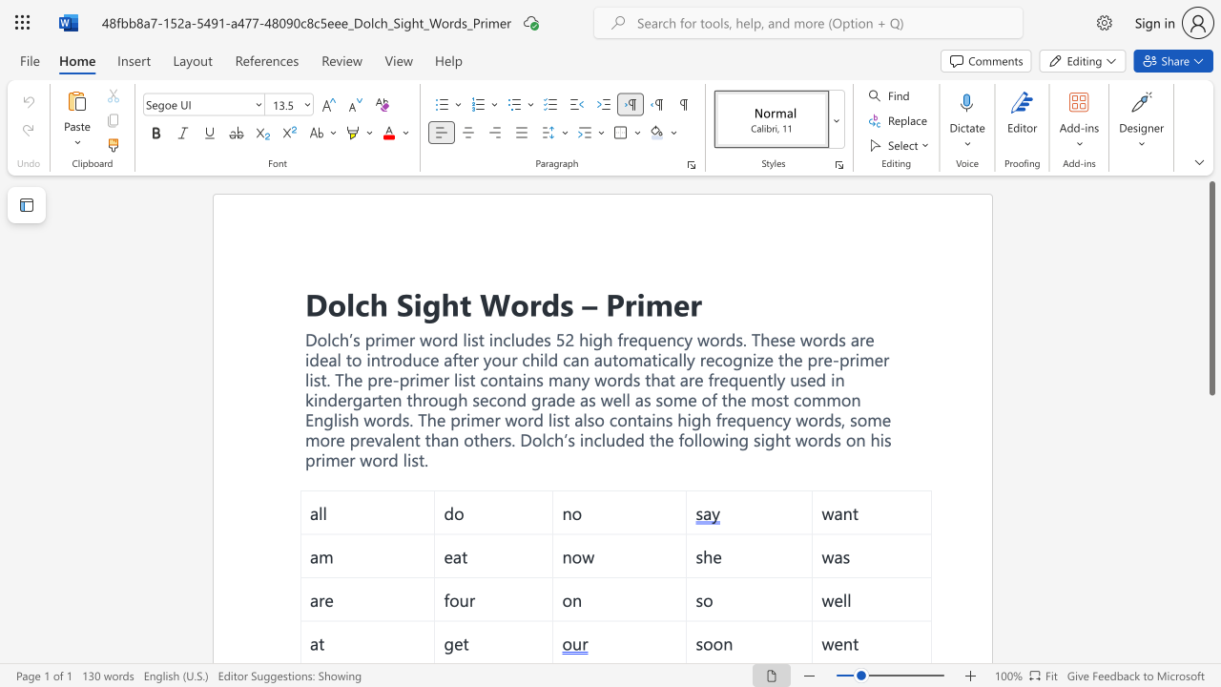 This screenshot has height=687, width=1221. Describe the element at coordinates (417, 302) in the screenshot. I see `the 1th character "i" in the text` at that location.